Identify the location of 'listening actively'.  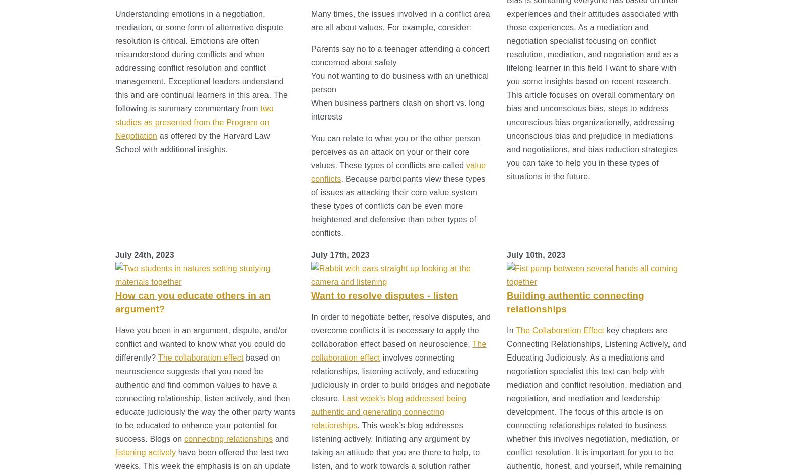
(145, 452).